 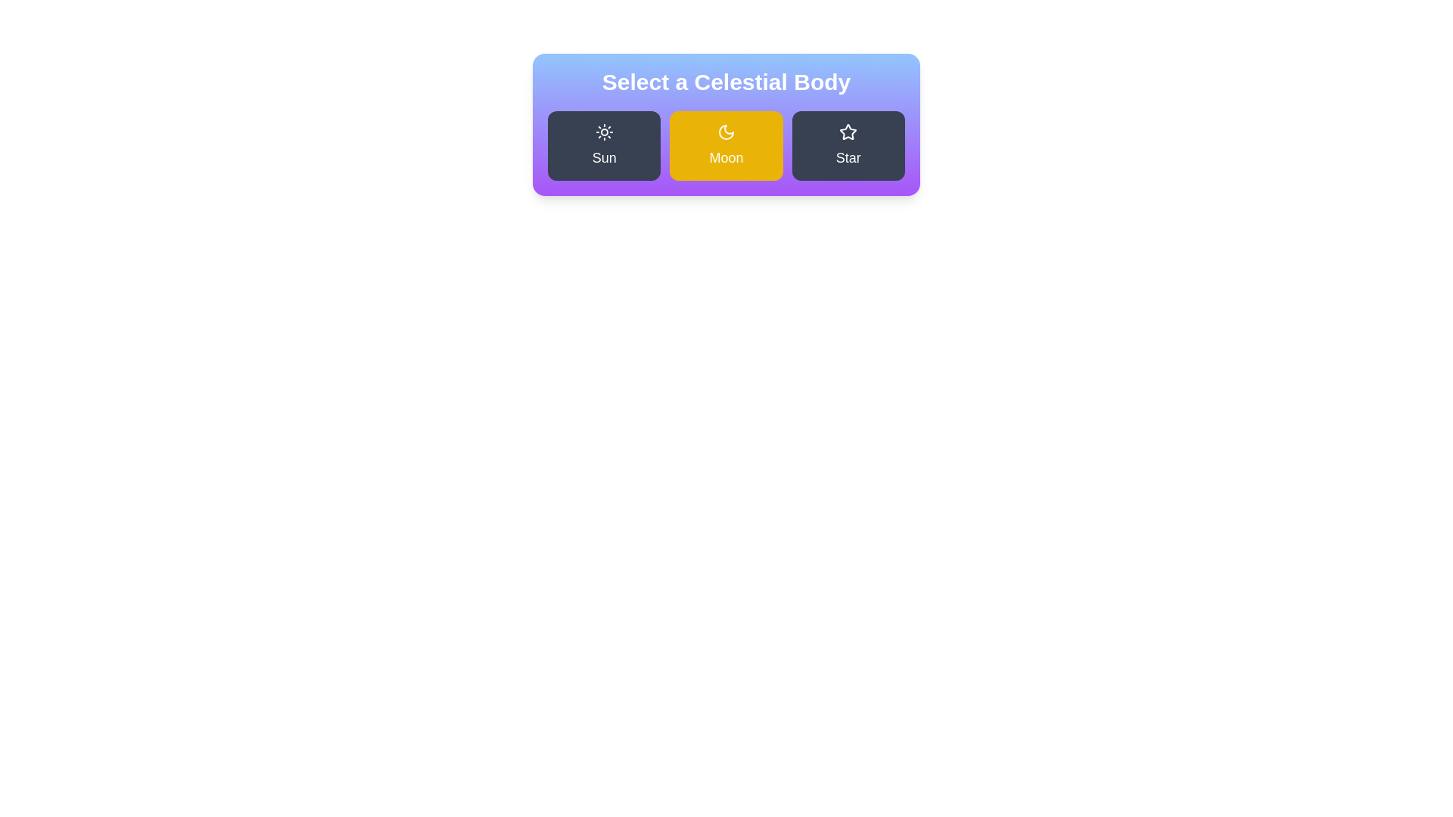 I want to click on the celestial body icon Moon, so click(x=726, y=145).